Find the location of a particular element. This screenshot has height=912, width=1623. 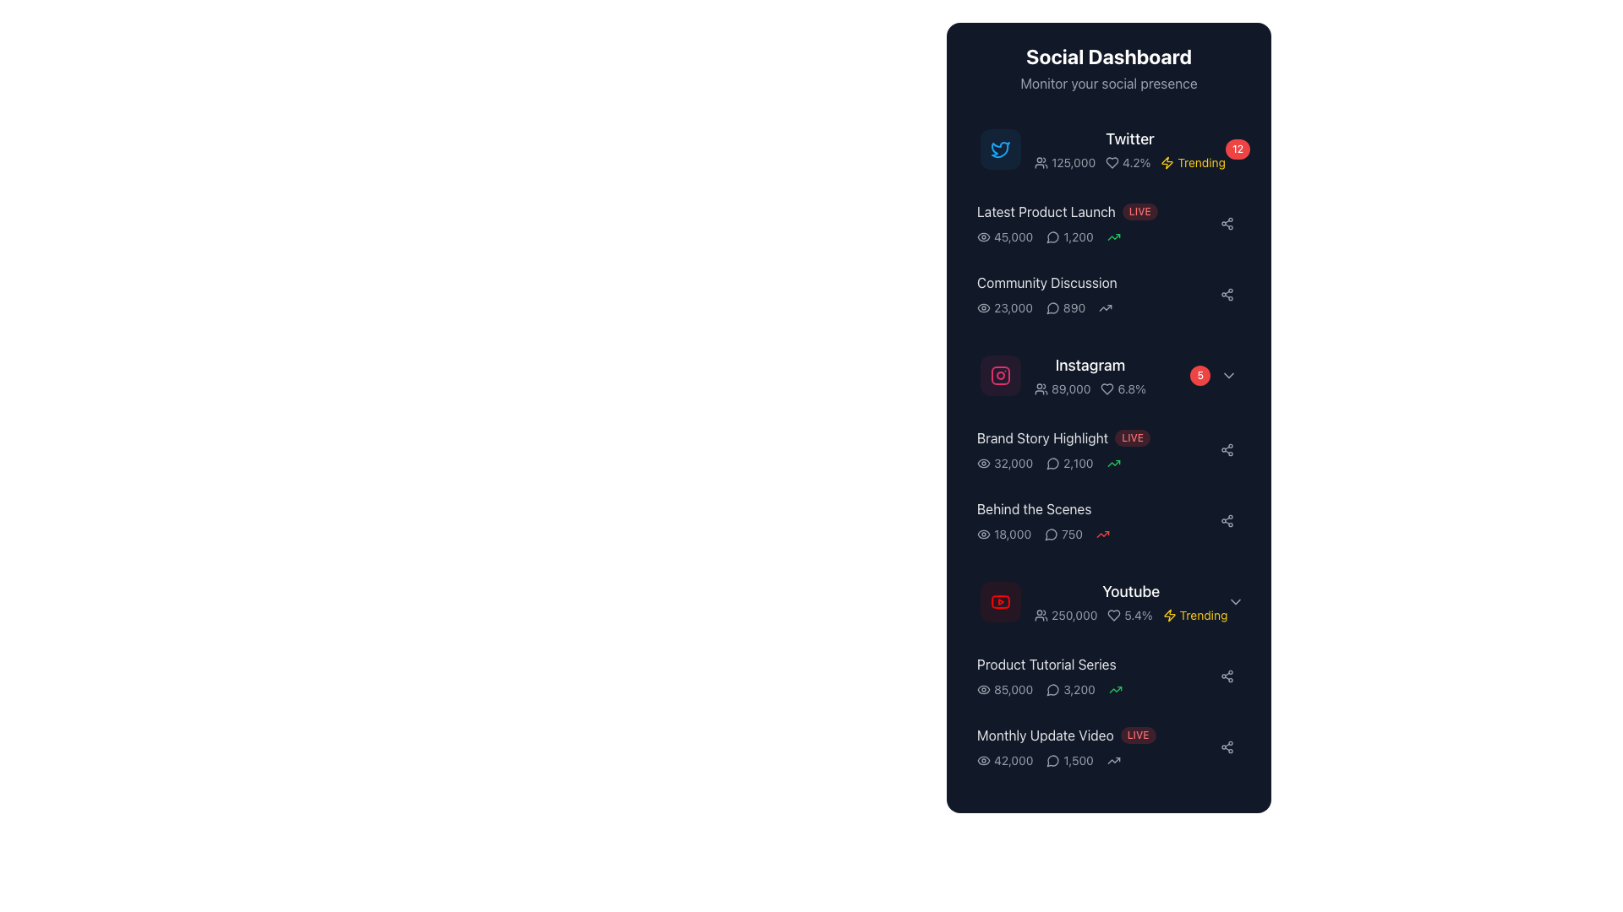

the icon representing a message or comment associated with the 'Community Discussion' entry, located in the activity summaries list is located at coordinates (1052, 690).